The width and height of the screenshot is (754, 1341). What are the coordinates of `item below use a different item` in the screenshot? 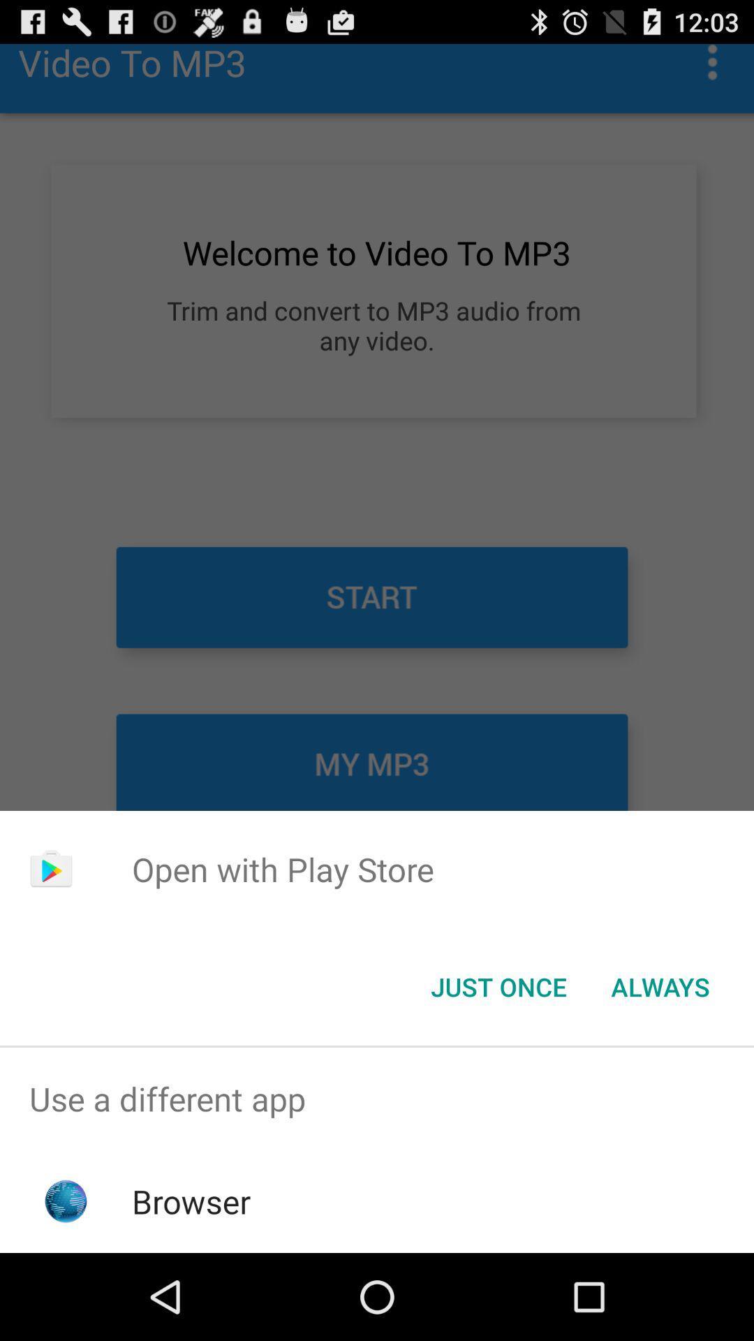 It's located at (191, 1201).